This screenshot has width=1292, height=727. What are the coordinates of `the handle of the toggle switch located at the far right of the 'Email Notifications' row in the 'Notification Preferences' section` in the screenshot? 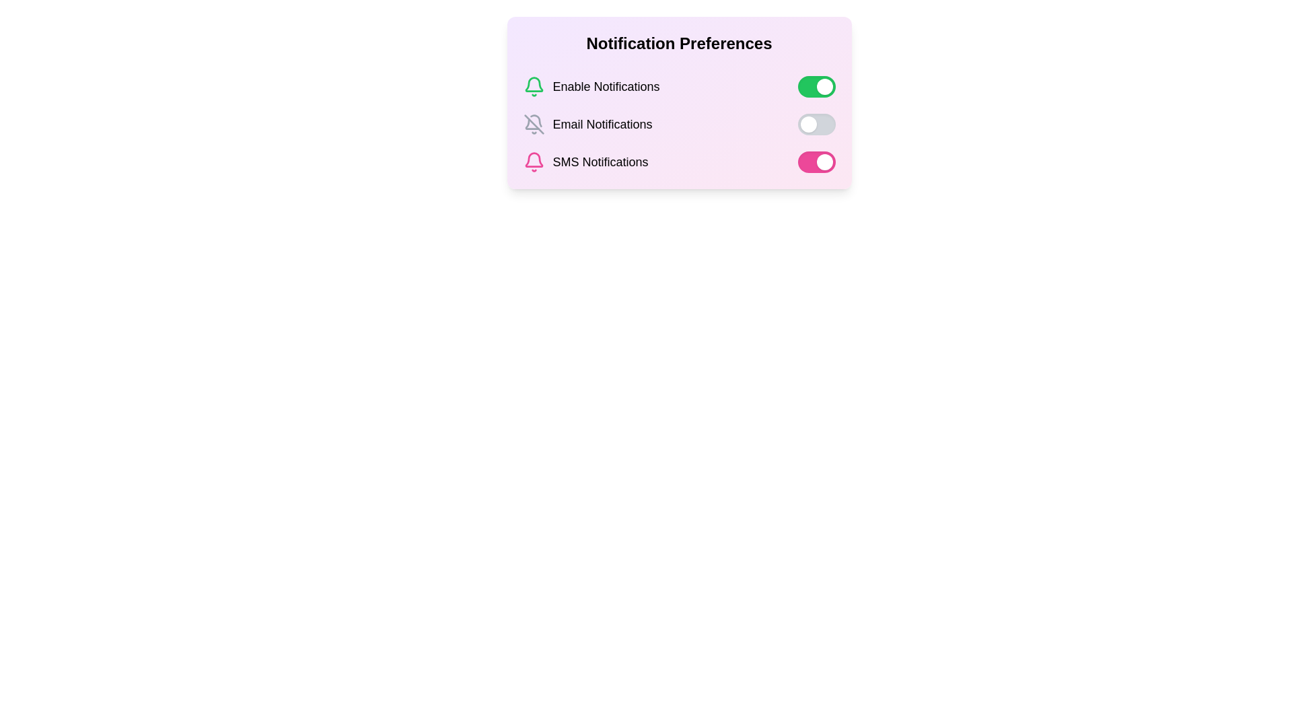 It's located at (816, 125).